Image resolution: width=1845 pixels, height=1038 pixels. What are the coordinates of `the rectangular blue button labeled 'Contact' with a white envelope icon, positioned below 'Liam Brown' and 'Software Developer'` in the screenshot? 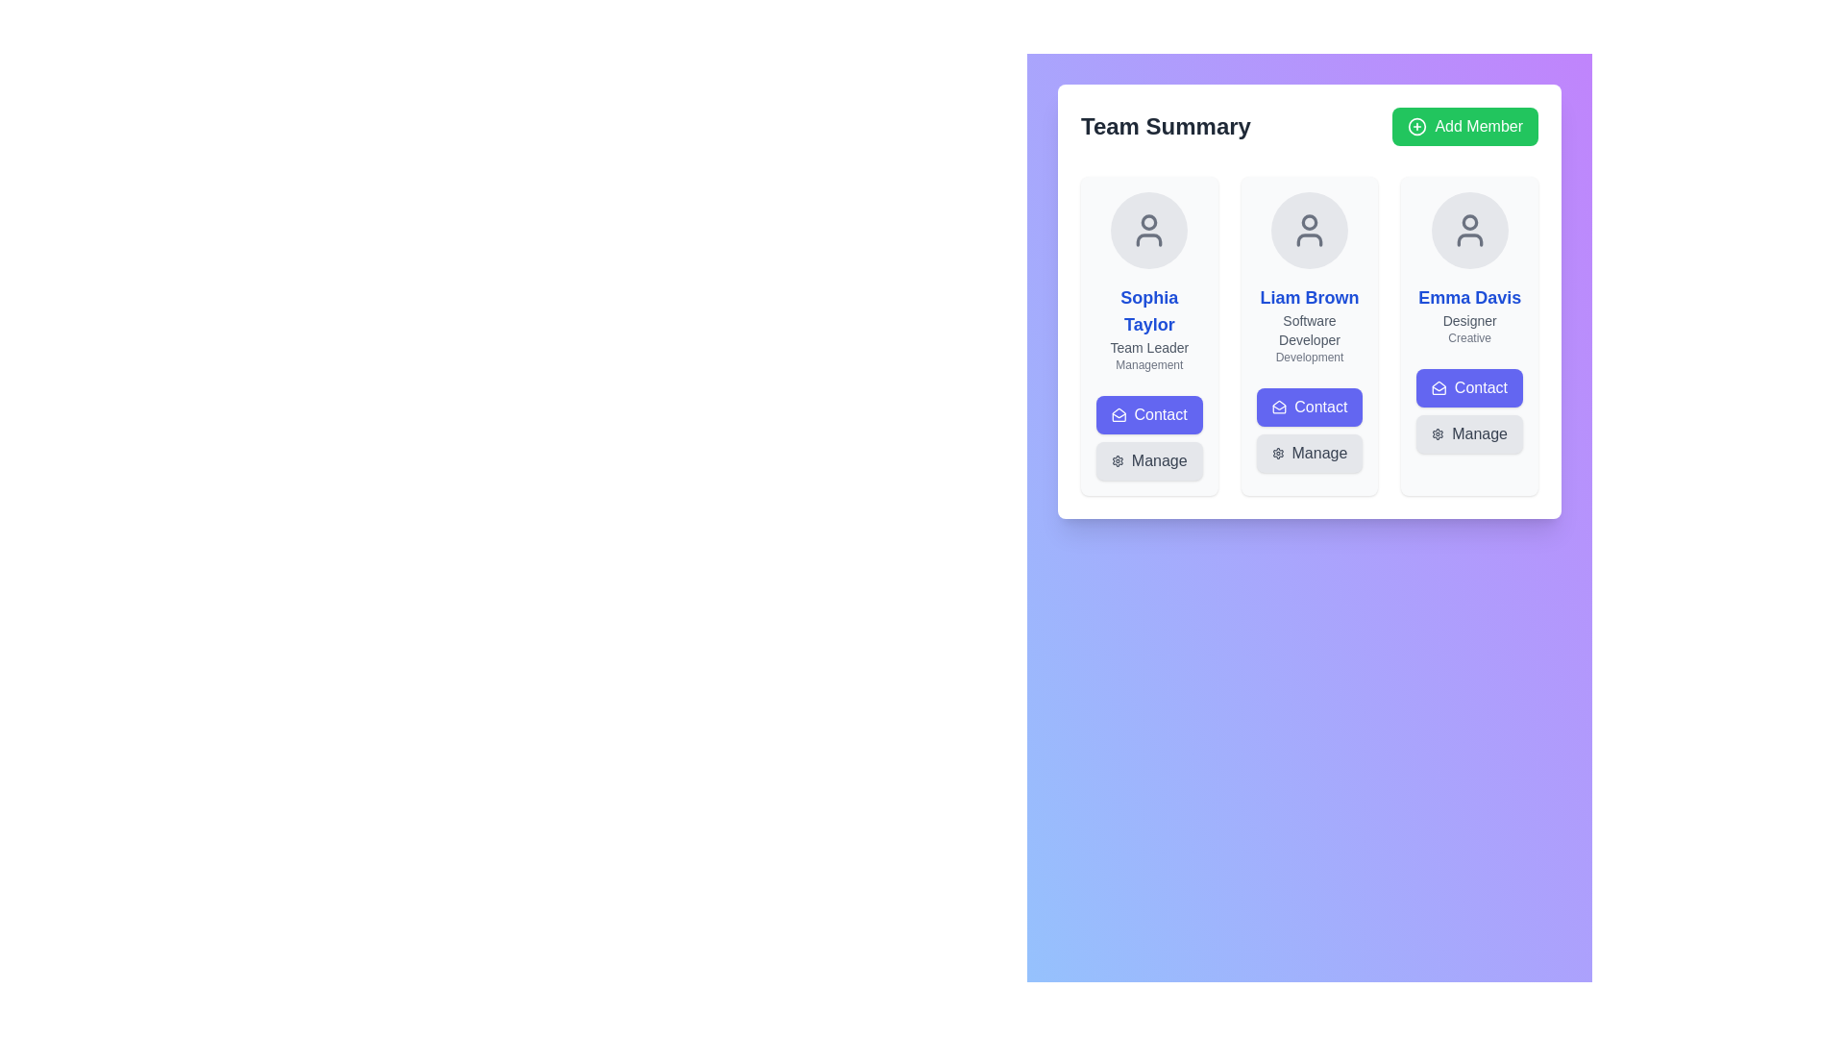 It's located at (1309, 407).